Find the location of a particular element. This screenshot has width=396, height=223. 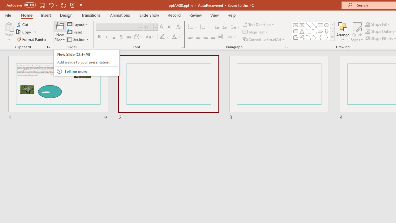

'Shape Outline Teal, Accent 1' is located at coordinates (368, 31).